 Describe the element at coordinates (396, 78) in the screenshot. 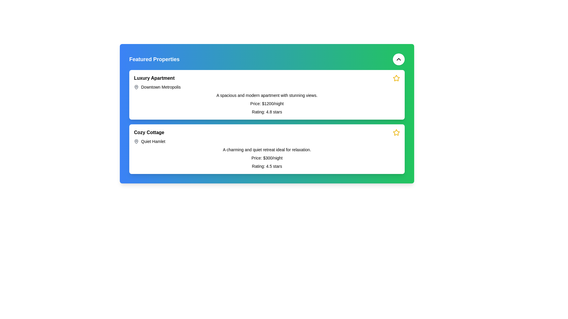

I see `the star icon with a yellow border located at the top-right corner of the first card, near the text 'Luxury Apartment'` at that location.